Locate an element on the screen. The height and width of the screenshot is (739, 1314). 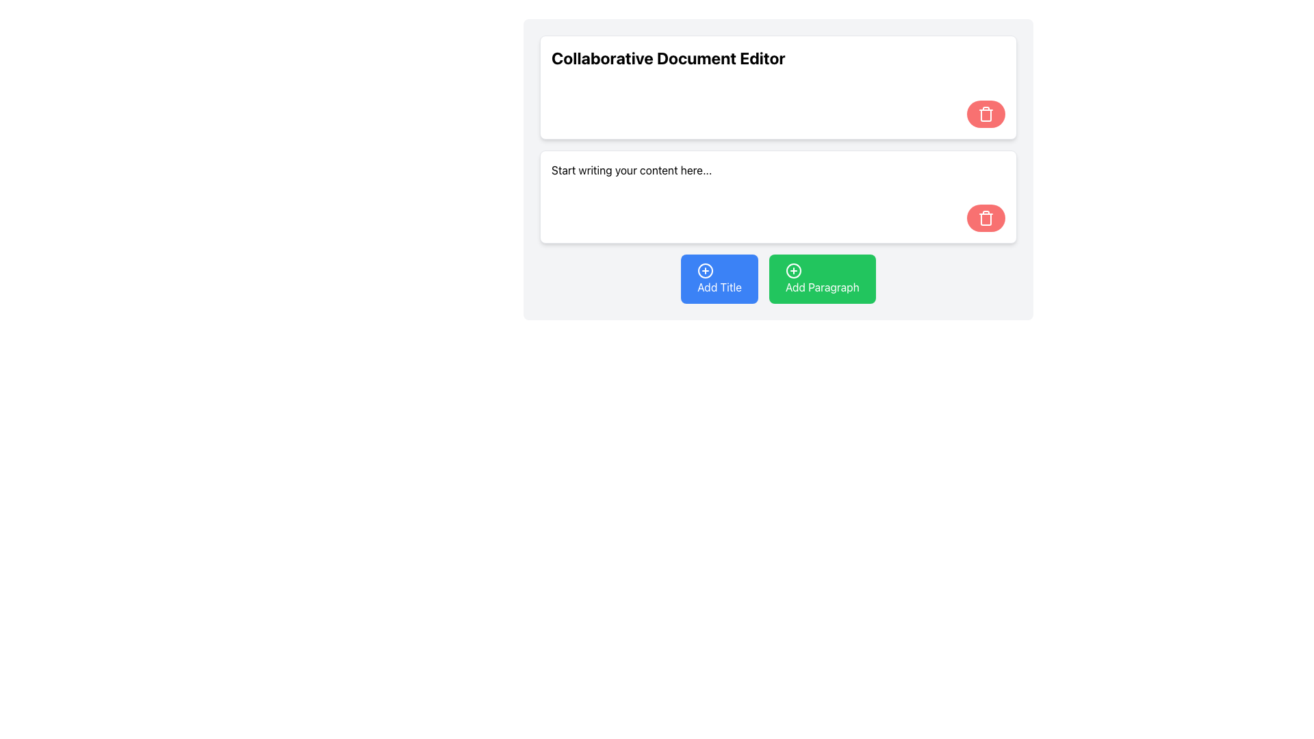
the header text display element, which indicates the purpose of the document editor interface is located at coordinates (778, 68).